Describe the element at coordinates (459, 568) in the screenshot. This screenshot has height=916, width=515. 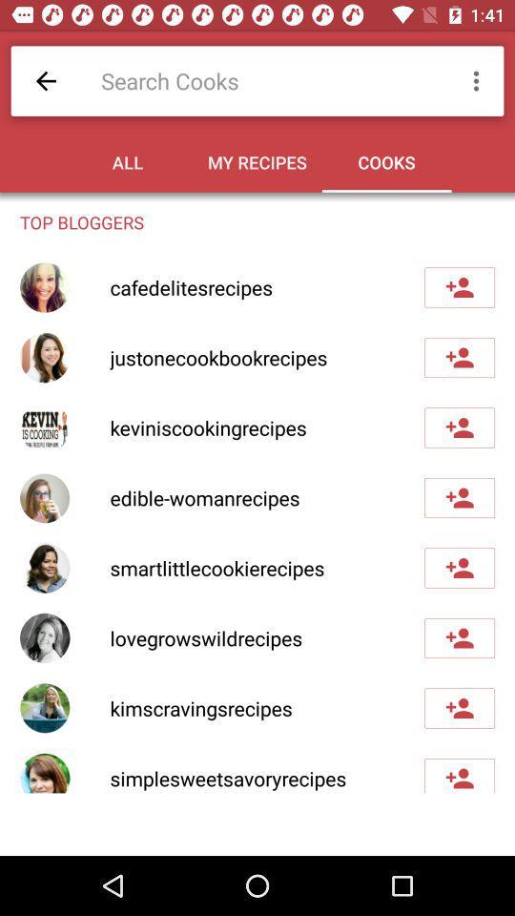
I see `friend` at that location.